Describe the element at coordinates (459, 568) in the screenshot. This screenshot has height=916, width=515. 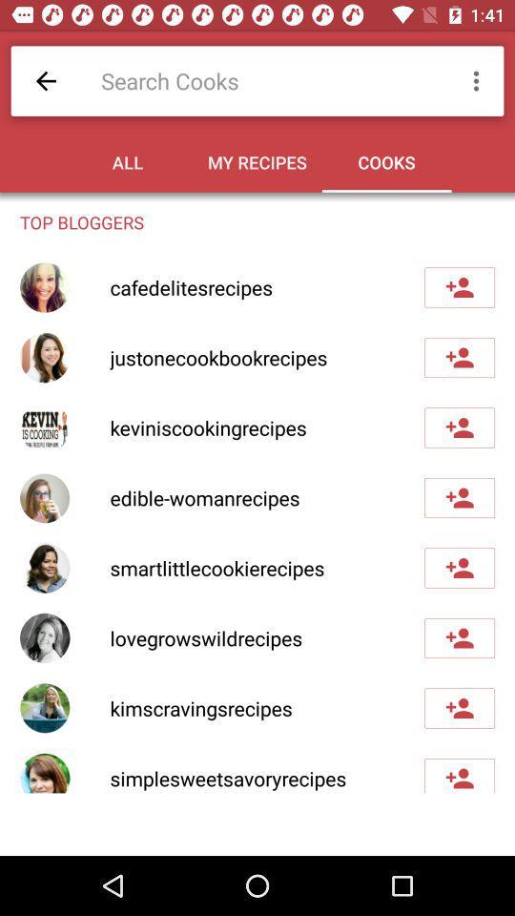
I see `friend` at that location.